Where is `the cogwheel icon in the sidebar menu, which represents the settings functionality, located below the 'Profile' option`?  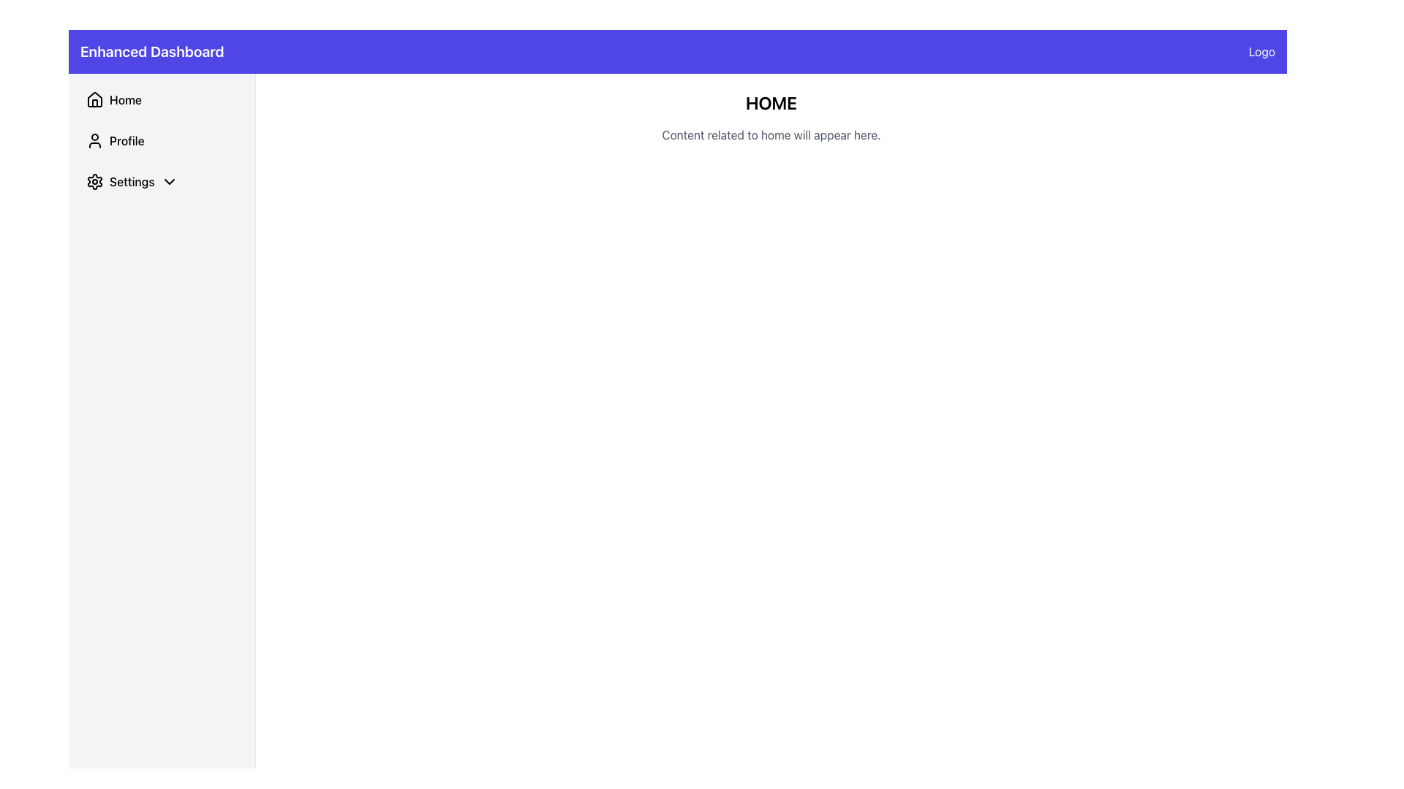
the cogwheel icon in the sidebar menu, which represents the settings functionality, located below the 'Profile' option is located at coordinates (94, 181).